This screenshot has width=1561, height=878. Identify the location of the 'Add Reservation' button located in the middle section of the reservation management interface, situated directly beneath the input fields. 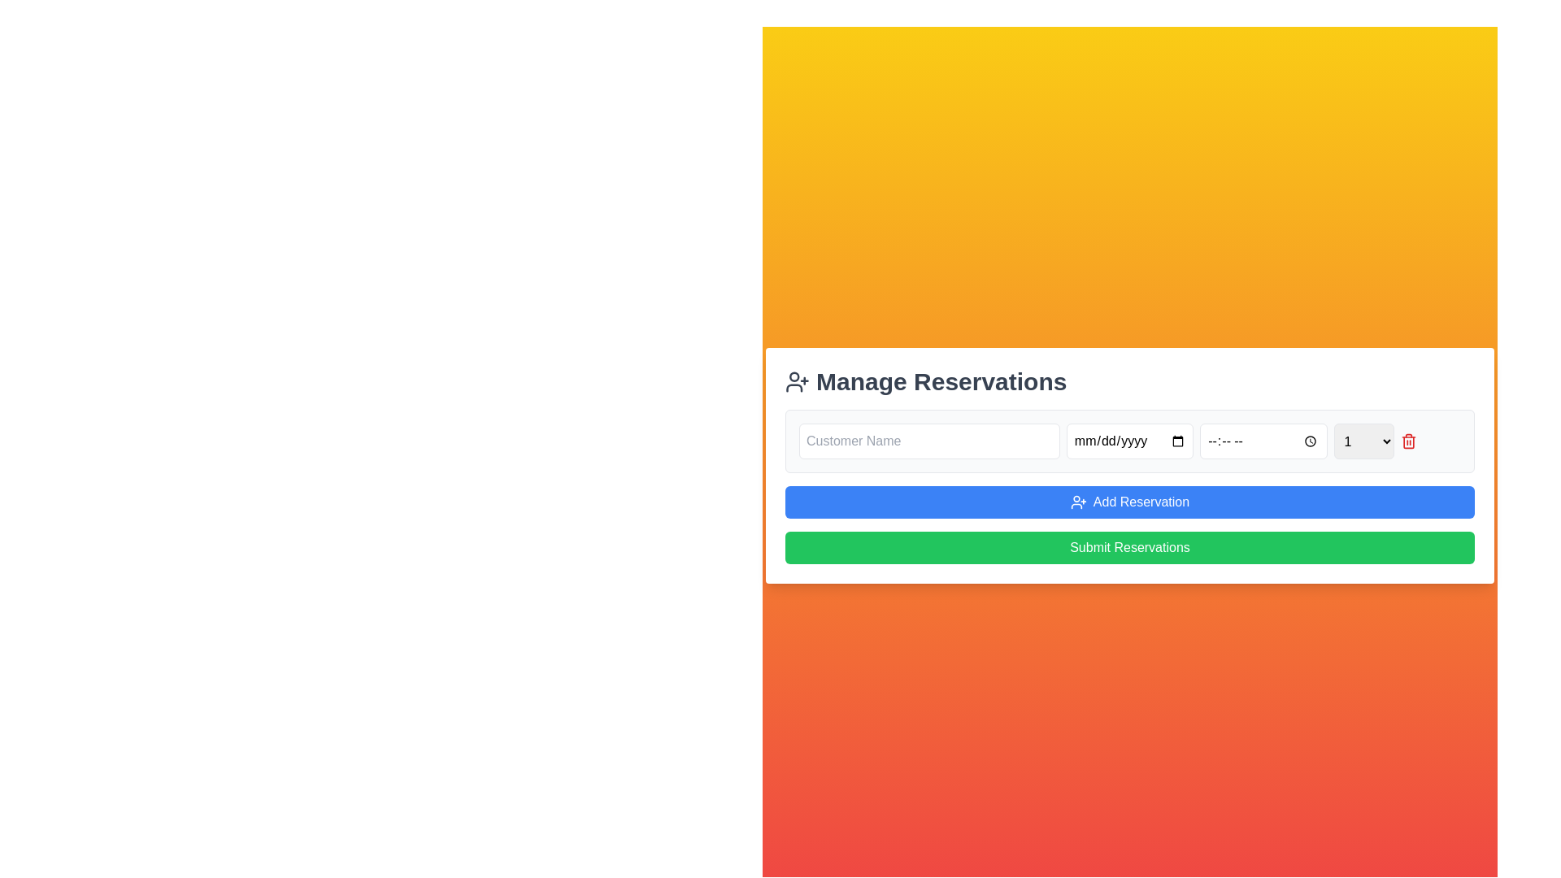
(1129, 485).